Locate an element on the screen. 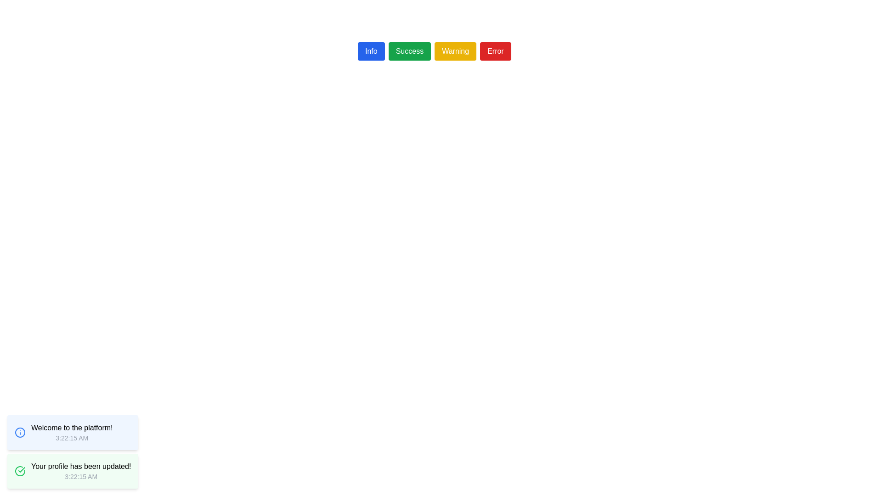 The image size is (882, 496). timestamp text label displaying '3:22:15 AM' located at the bottom of the notification card with the message 'Welcome to the platform!' is located at coordinates (71, 437).